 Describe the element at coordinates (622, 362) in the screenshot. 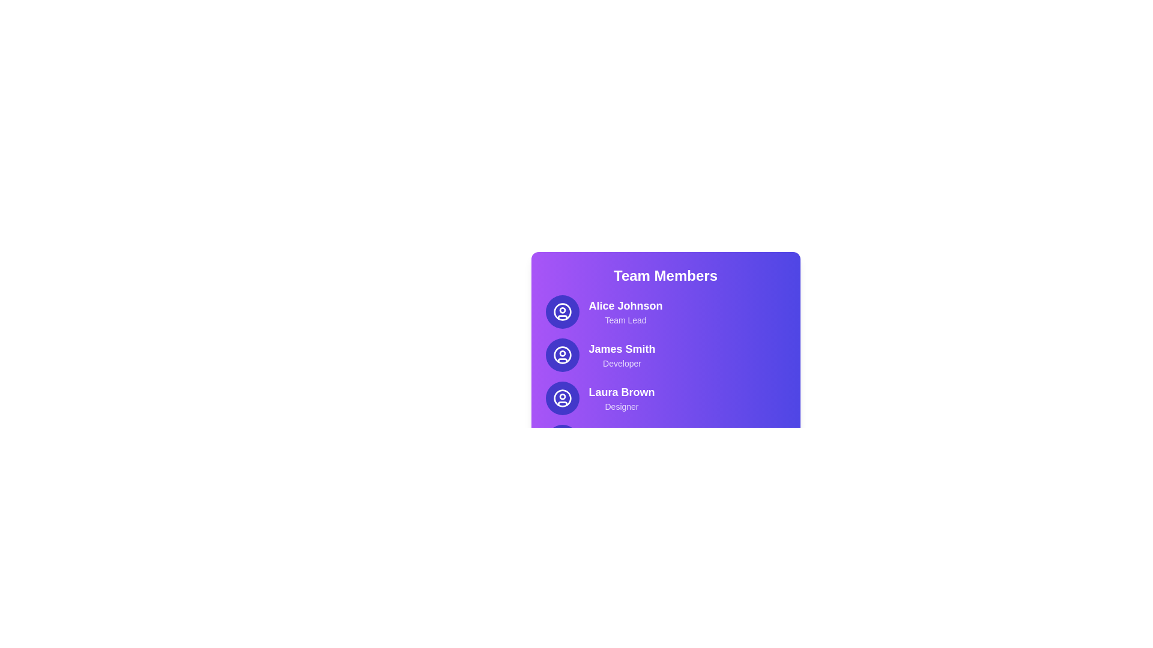

I see `the text label displaying 'Developer' which is located beneath 'James Smith' in the team member list` at that location.